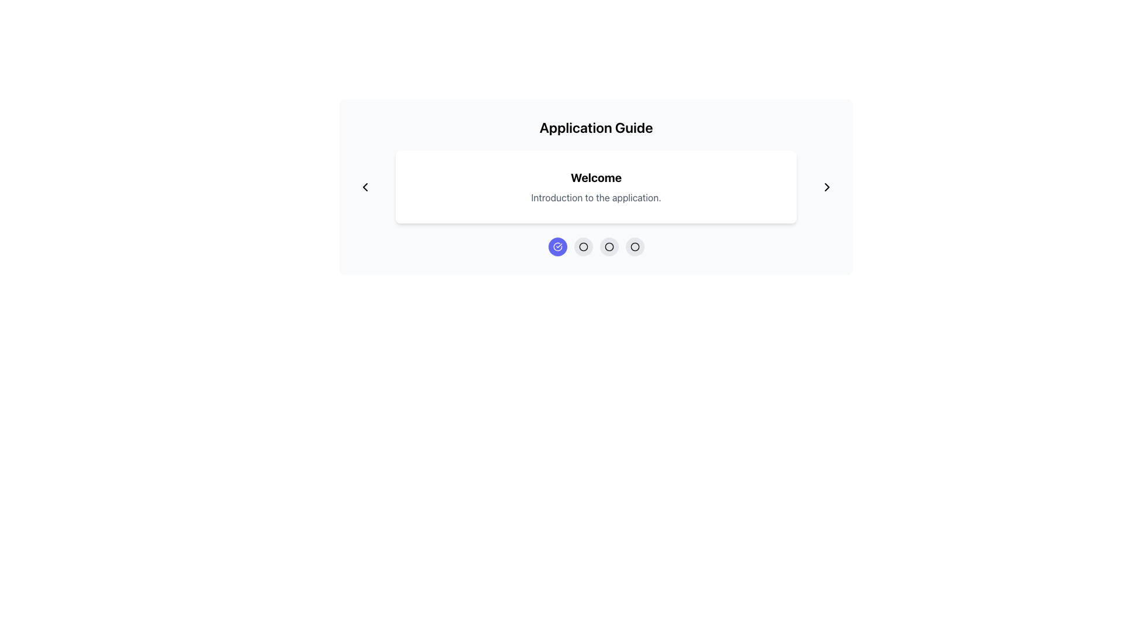  Describe the element at coordinates (609, 246) in the screenshot. I see `the Circle icon, which is the third icon from the left in the horizontal row of circle icons located below the main content section` at that location.